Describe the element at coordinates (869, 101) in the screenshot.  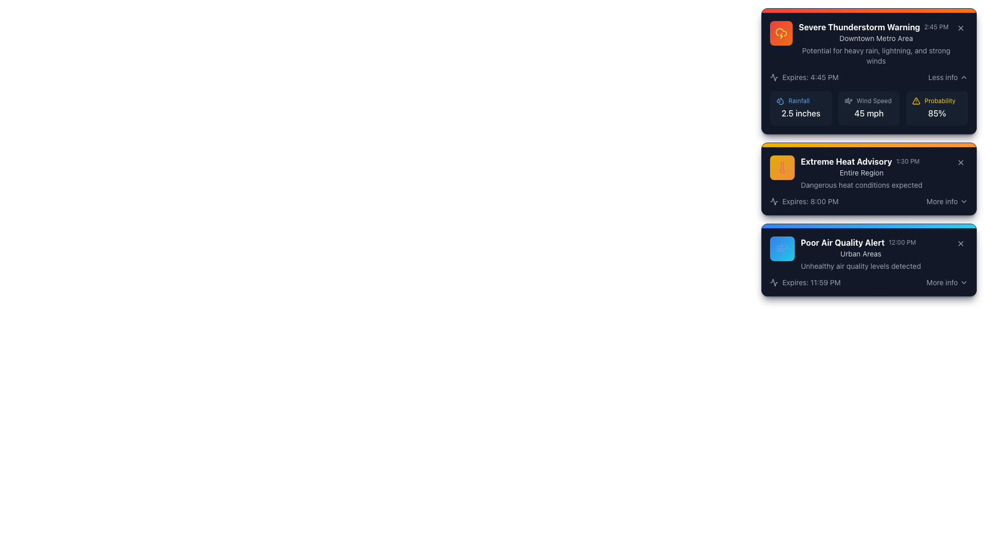
I see `the Label with Icon that describes the wind speed metric, located above the '45 mph' value in the 'Severe Thunderstorm Warning' card` at that location.